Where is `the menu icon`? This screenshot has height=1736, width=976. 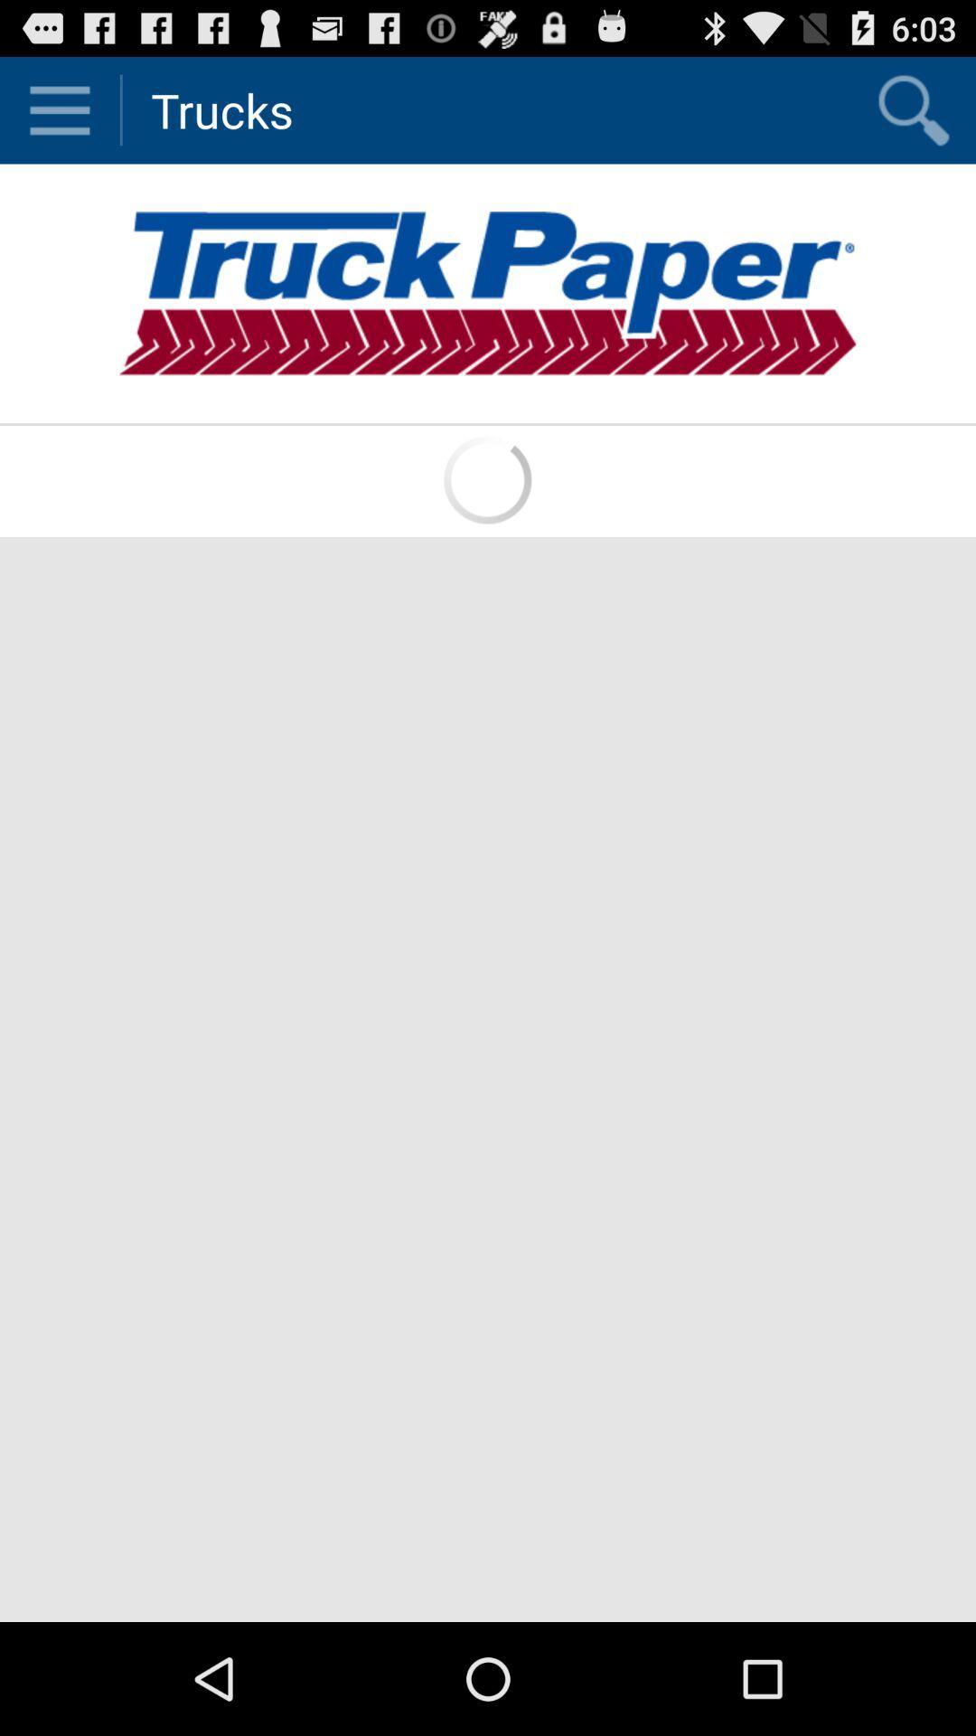 the menu icon is located at coordinates (59, 117).